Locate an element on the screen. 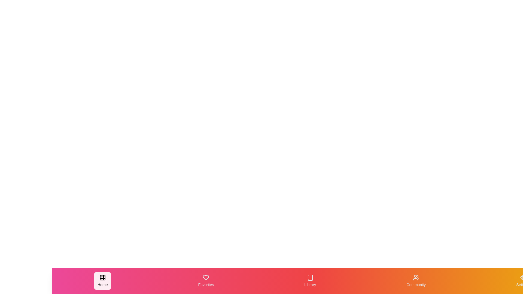 The image size is (523, 294). the navigation item Community is located at coordinates (416, 281).